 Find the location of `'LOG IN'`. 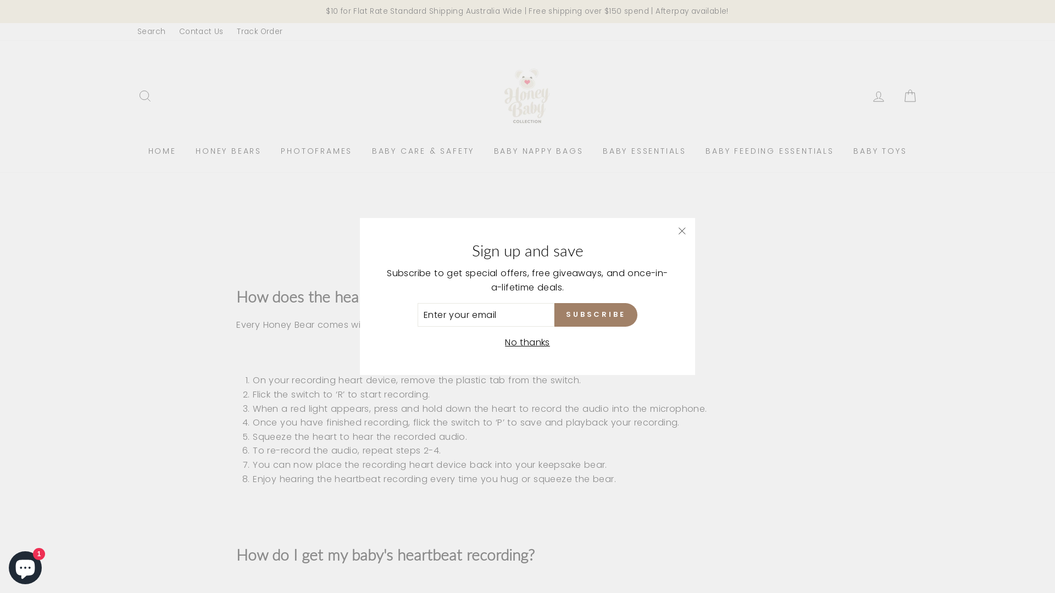

'LOG IN' is located at coordinates (878, 96).